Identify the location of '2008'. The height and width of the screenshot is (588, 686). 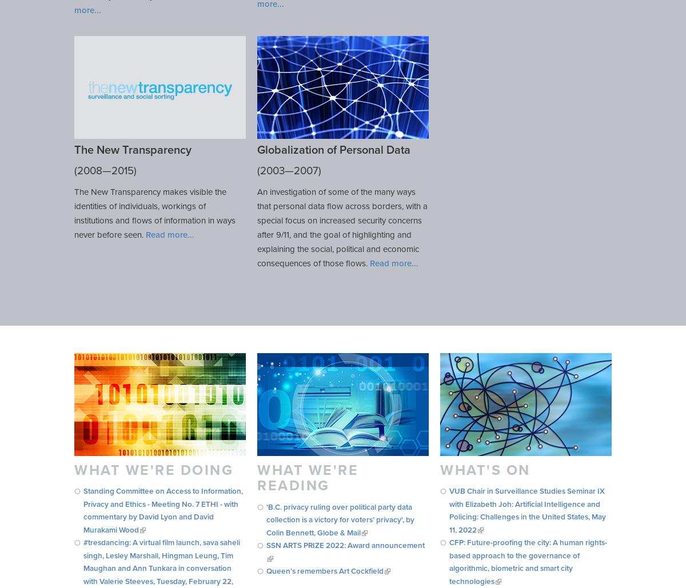
(89, 171).